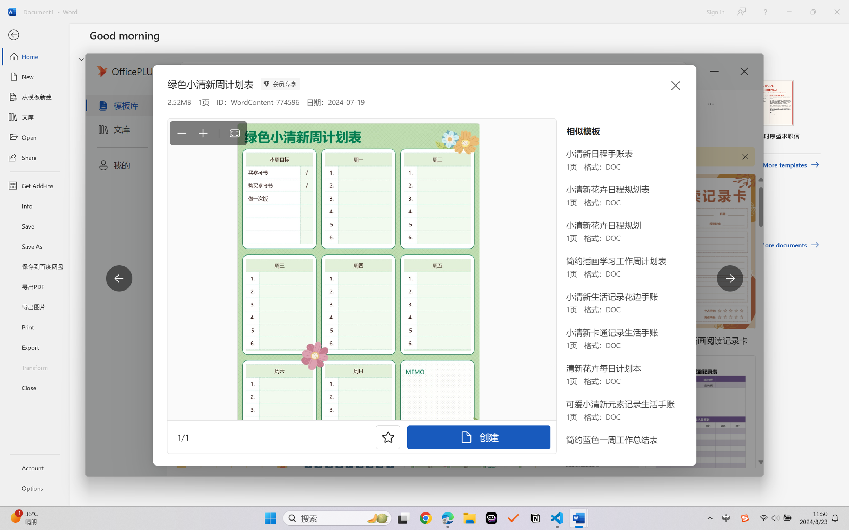  What do you see at coordinates (34, 205) in the screenshot?
I see `'Info'` at bounding box center [34, 205].